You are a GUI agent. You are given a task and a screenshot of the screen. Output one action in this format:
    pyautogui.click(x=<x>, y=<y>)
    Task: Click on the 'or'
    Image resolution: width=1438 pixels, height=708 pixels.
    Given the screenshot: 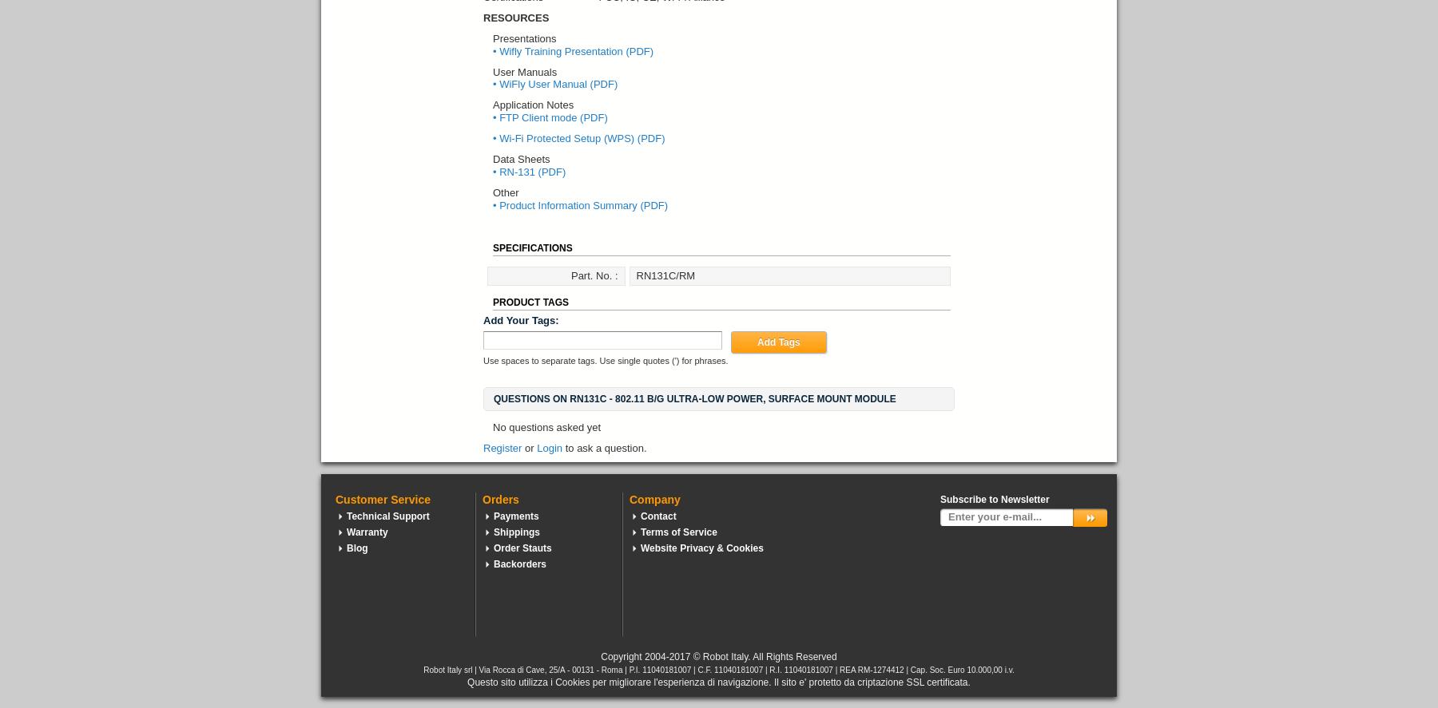 What is the action you would take?
    pyautogui.click(x=525, y=446)
    